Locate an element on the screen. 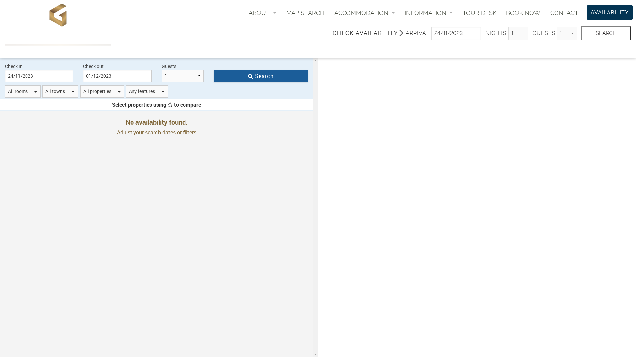  'ABOUT' is located at coordinates (262, 13).